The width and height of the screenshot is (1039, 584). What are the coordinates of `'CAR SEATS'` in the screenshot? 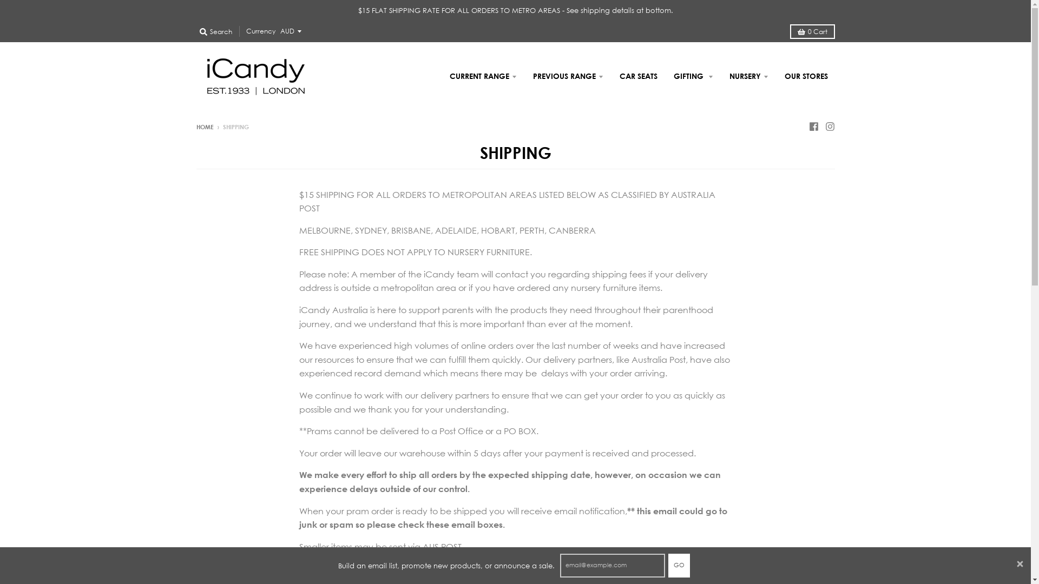 It's located at (613, 76).